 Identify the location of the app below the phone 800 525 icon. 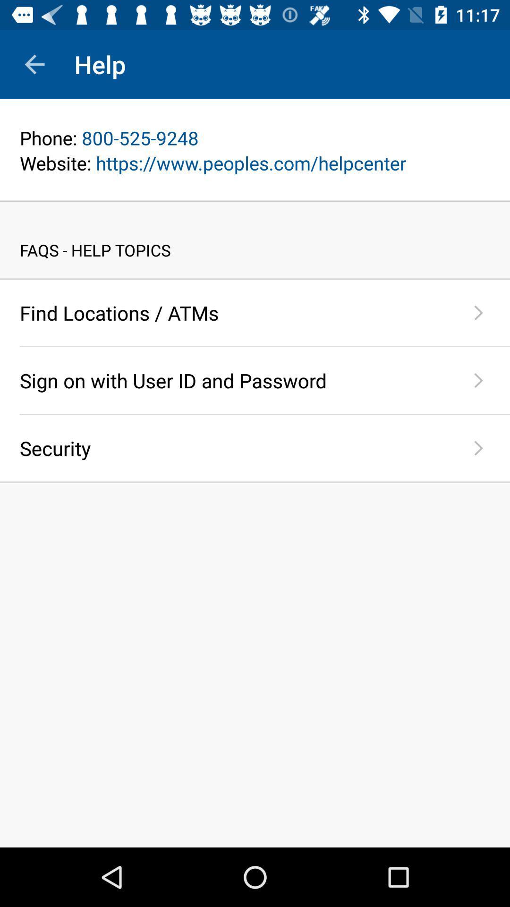
(255, 163).